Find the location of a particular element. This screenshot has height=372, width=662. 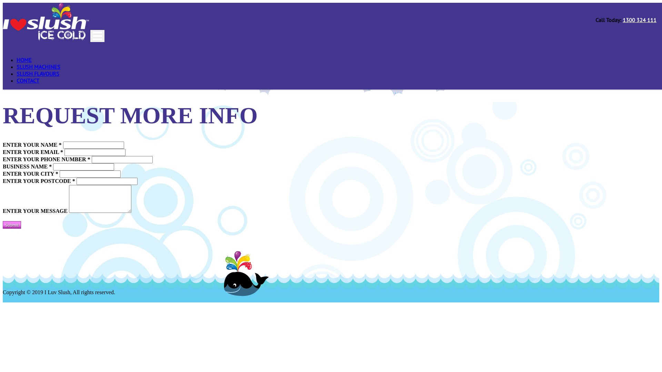

'SLUSH FLAVOURS' is located at coordinates (38, 73).